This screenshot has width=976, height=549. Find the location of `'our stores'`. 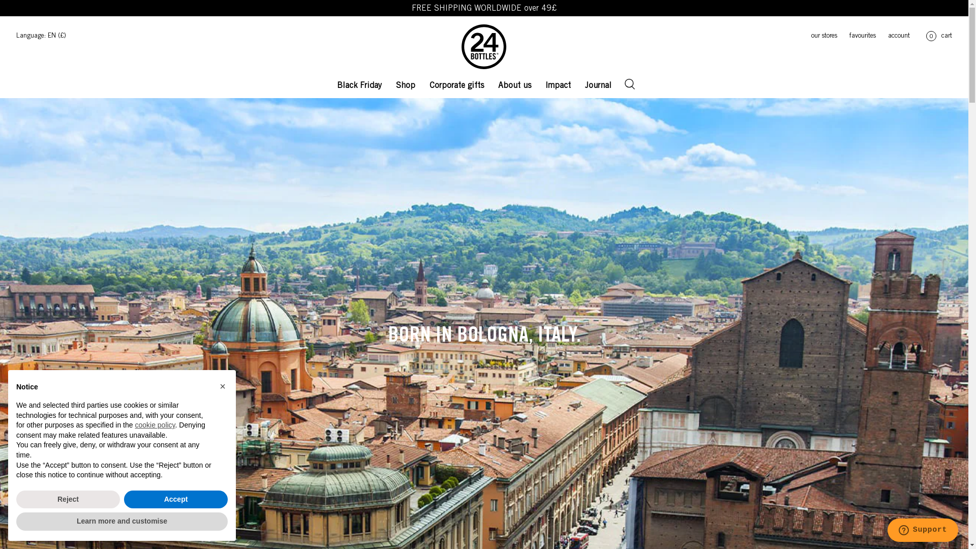

'our stores' is located at coordinates (818, 36).